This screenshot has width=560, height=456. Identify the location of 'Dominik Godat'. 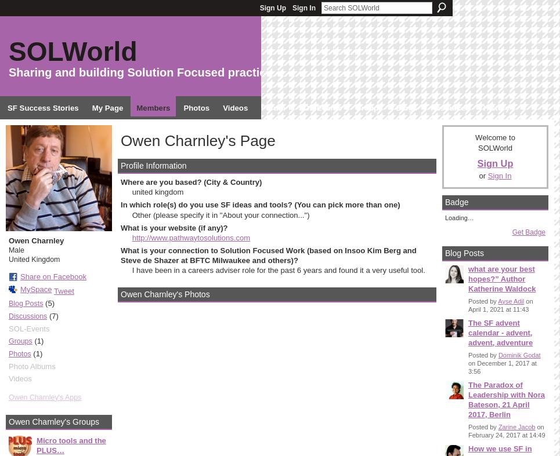
(518, 353).